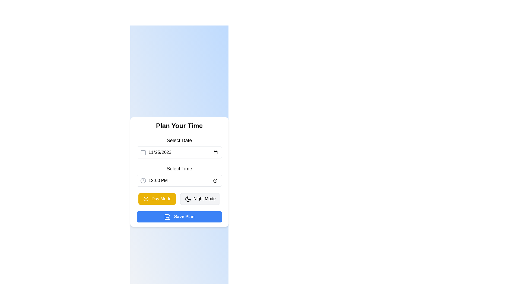 The height and width of the screenshot is (293, 521). What do you see at coordinates (179, 216) in the screenshot?
I see `the 'Save Plan' button with a blue background and a floppy disk icon` at bounding box center [179, 216].